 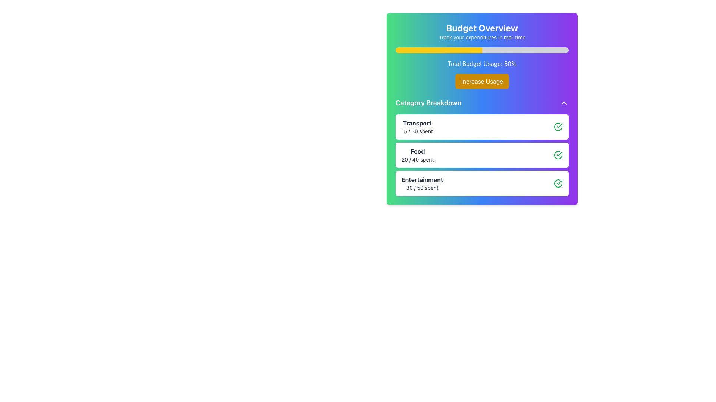 I want to click on the text label that displays 'Total Budget Usage: 50%' which is positioned centrally above the 'Increase Usage' button and below the horizontal progress bar, so click(x=482, y=63).